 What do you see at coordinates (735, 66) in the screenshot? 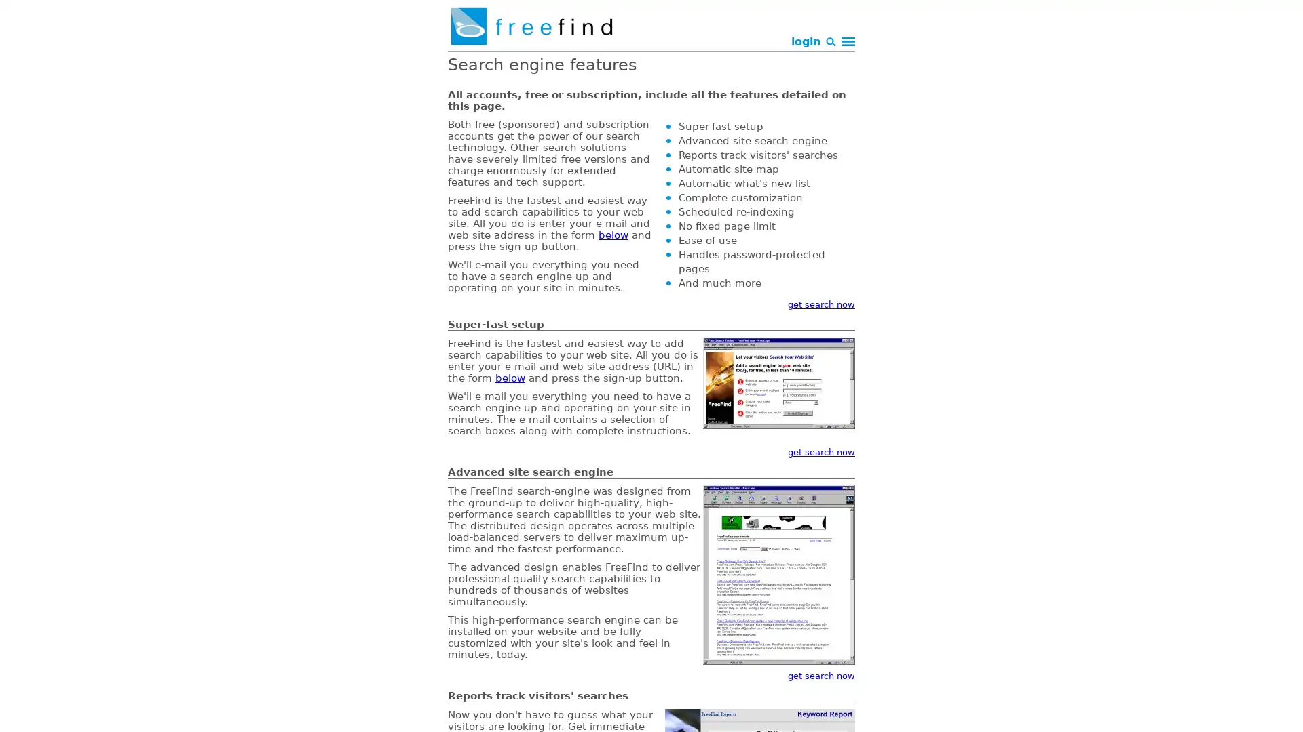
I see `Search` at bounding box center [735, 66].